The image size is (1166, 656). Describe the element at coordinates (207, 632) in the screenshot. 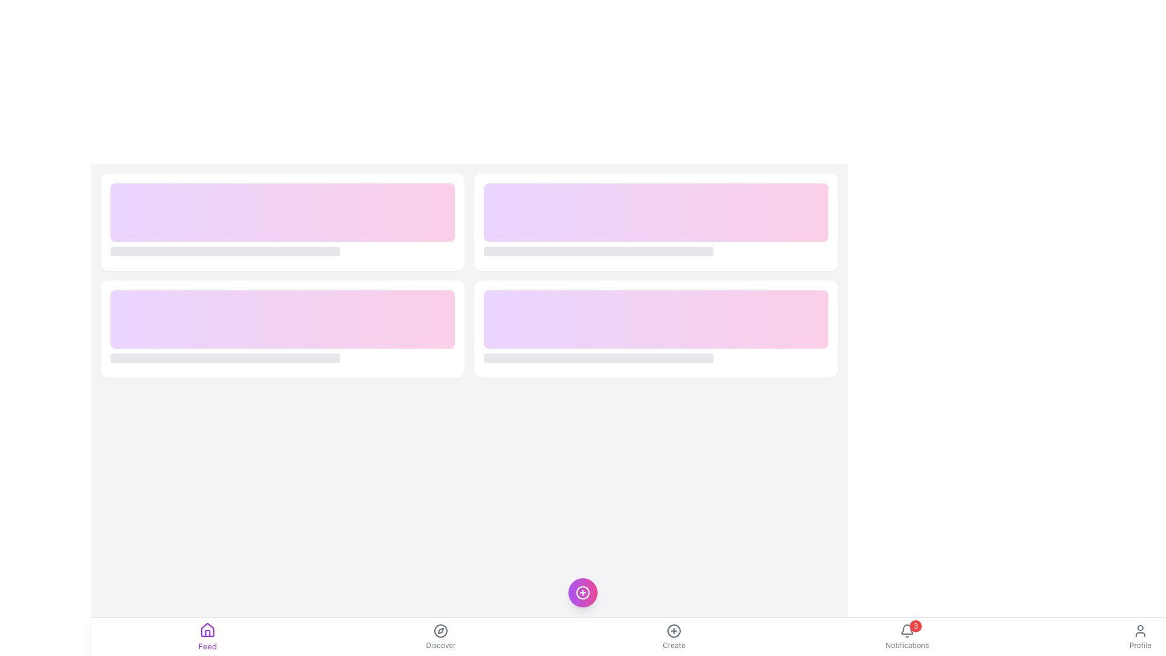

I see `the small vector graphic representing a stylized house component located within the 'Feed' icon in the bottom navigation bar` at that location.